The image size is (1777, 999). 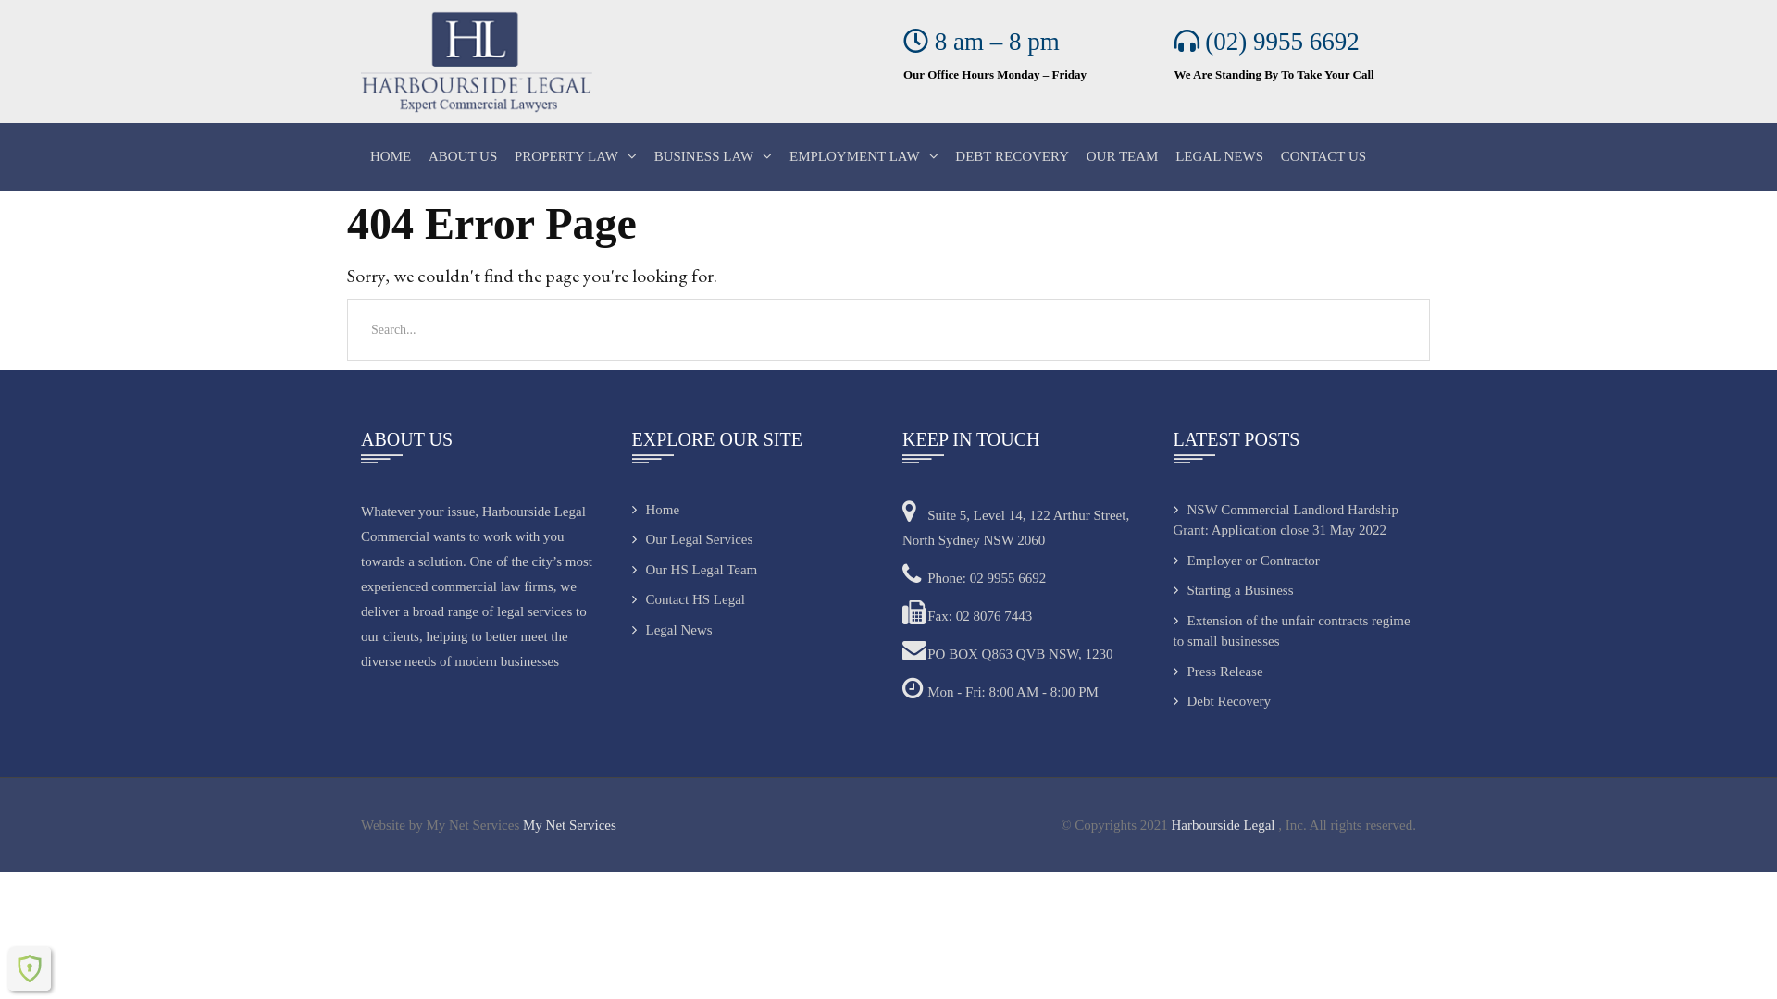 I want to click on 'Debt Recovery', so click(x=1222, y=701).